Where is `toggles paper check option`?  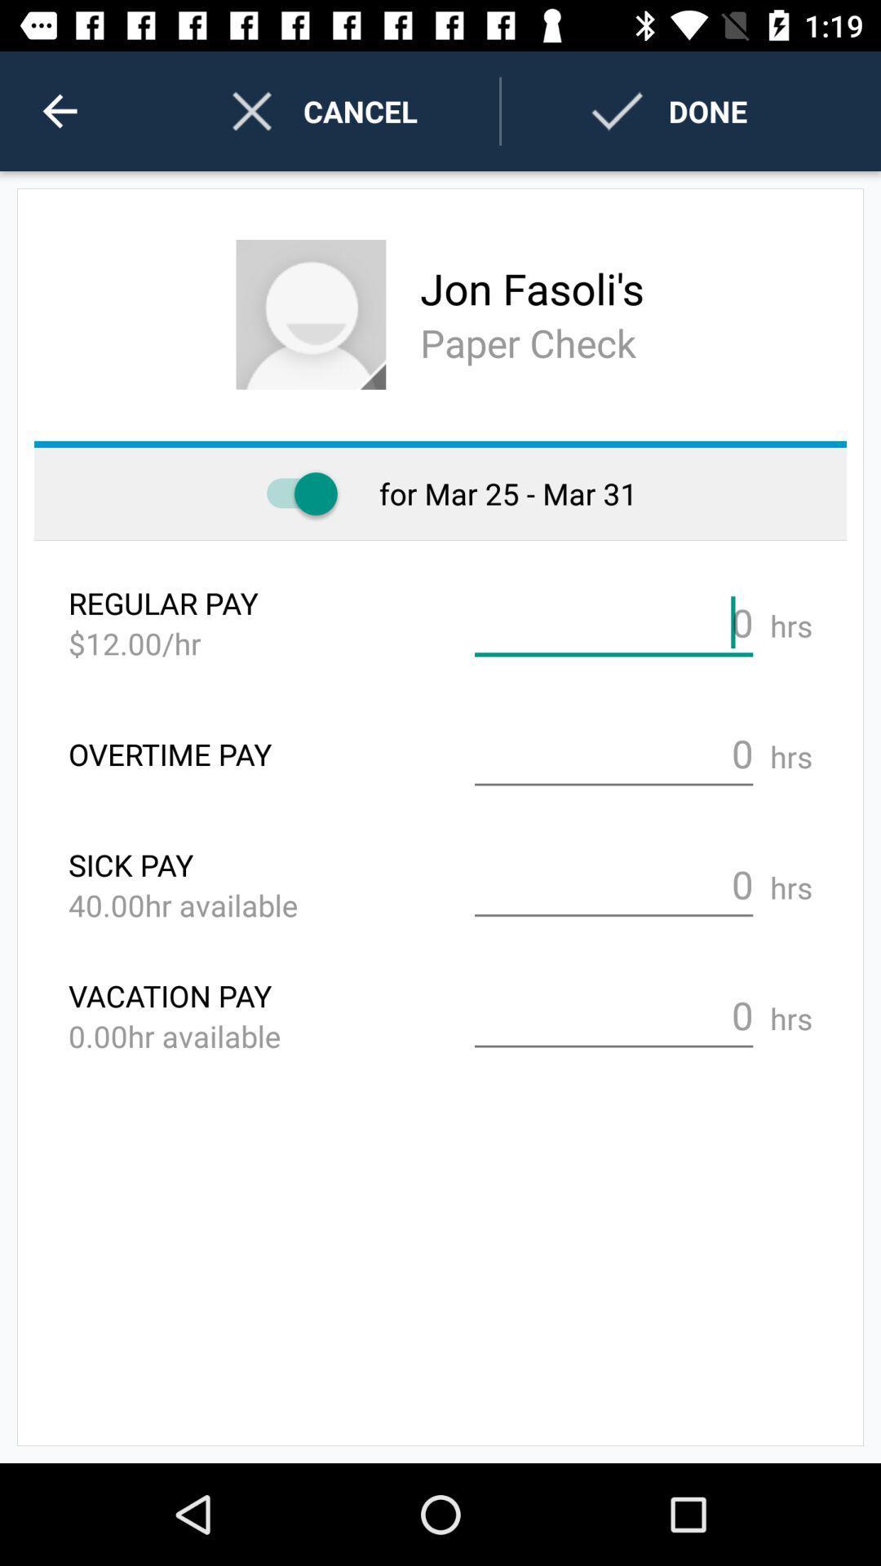
toggles paper check option is located at coordinates (294, 493).